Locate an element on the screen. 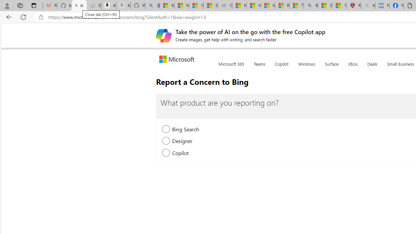 The width and height of the screenshot is (416, 234). 'Surface' is located at coordinates (331, 68).